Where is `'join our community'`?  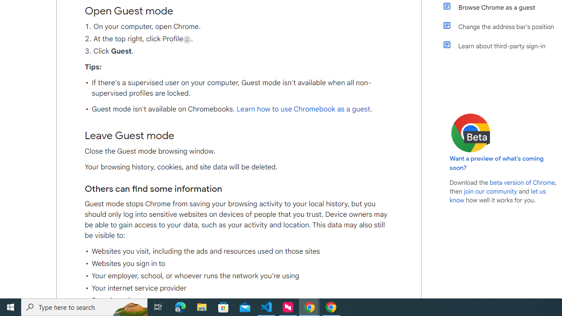 'join our community' is located at coordinates (490, 190).